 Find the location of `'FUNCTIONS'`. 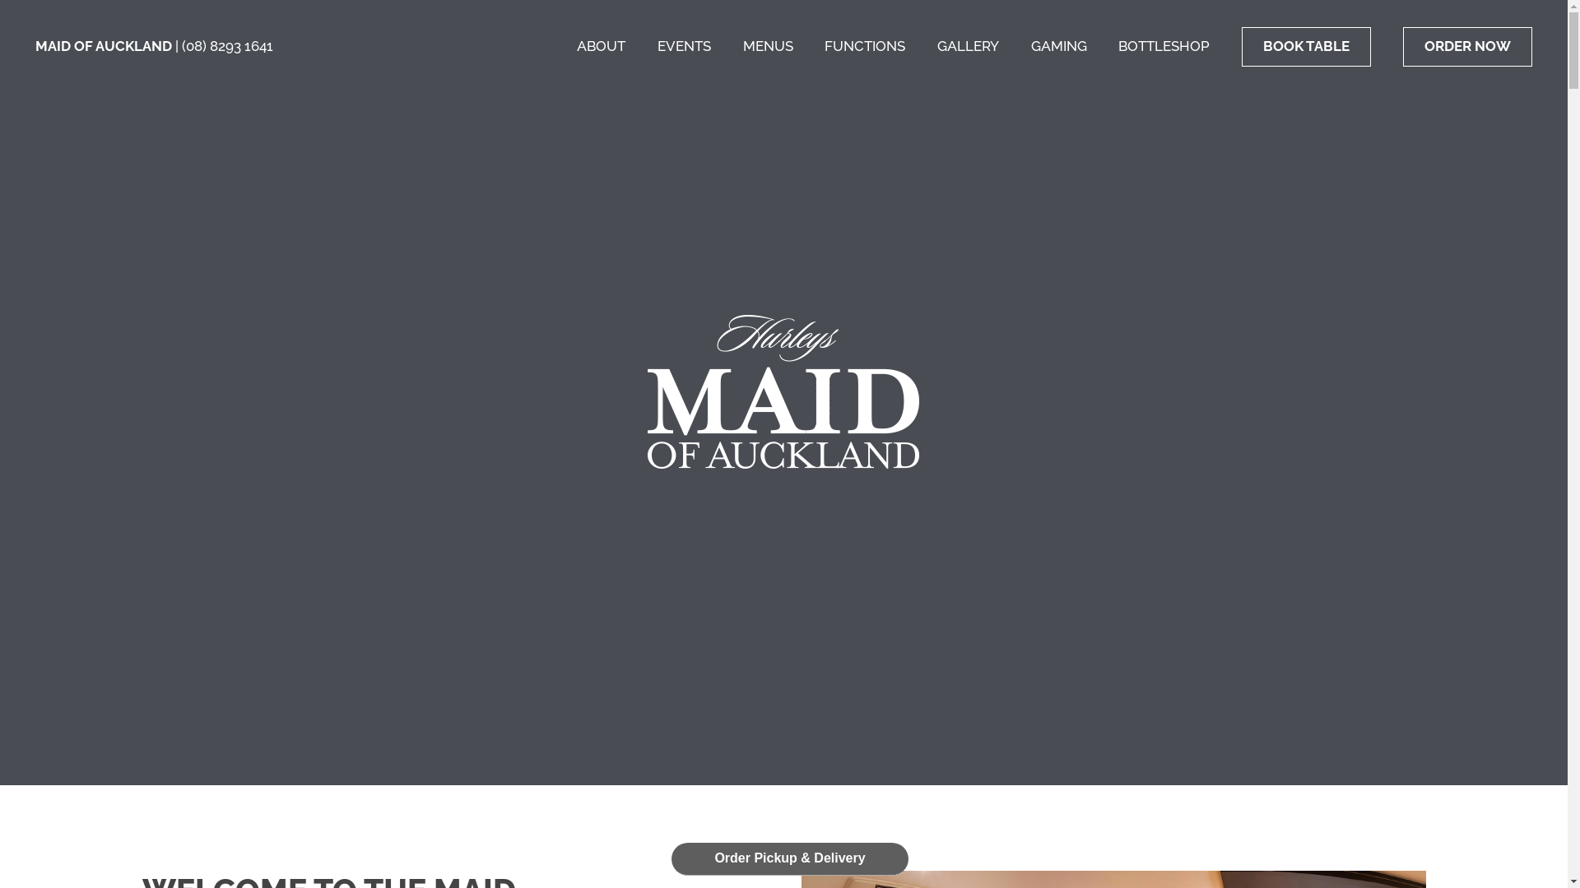

'FUNCTIONS' is located at coordinates (825, 45).